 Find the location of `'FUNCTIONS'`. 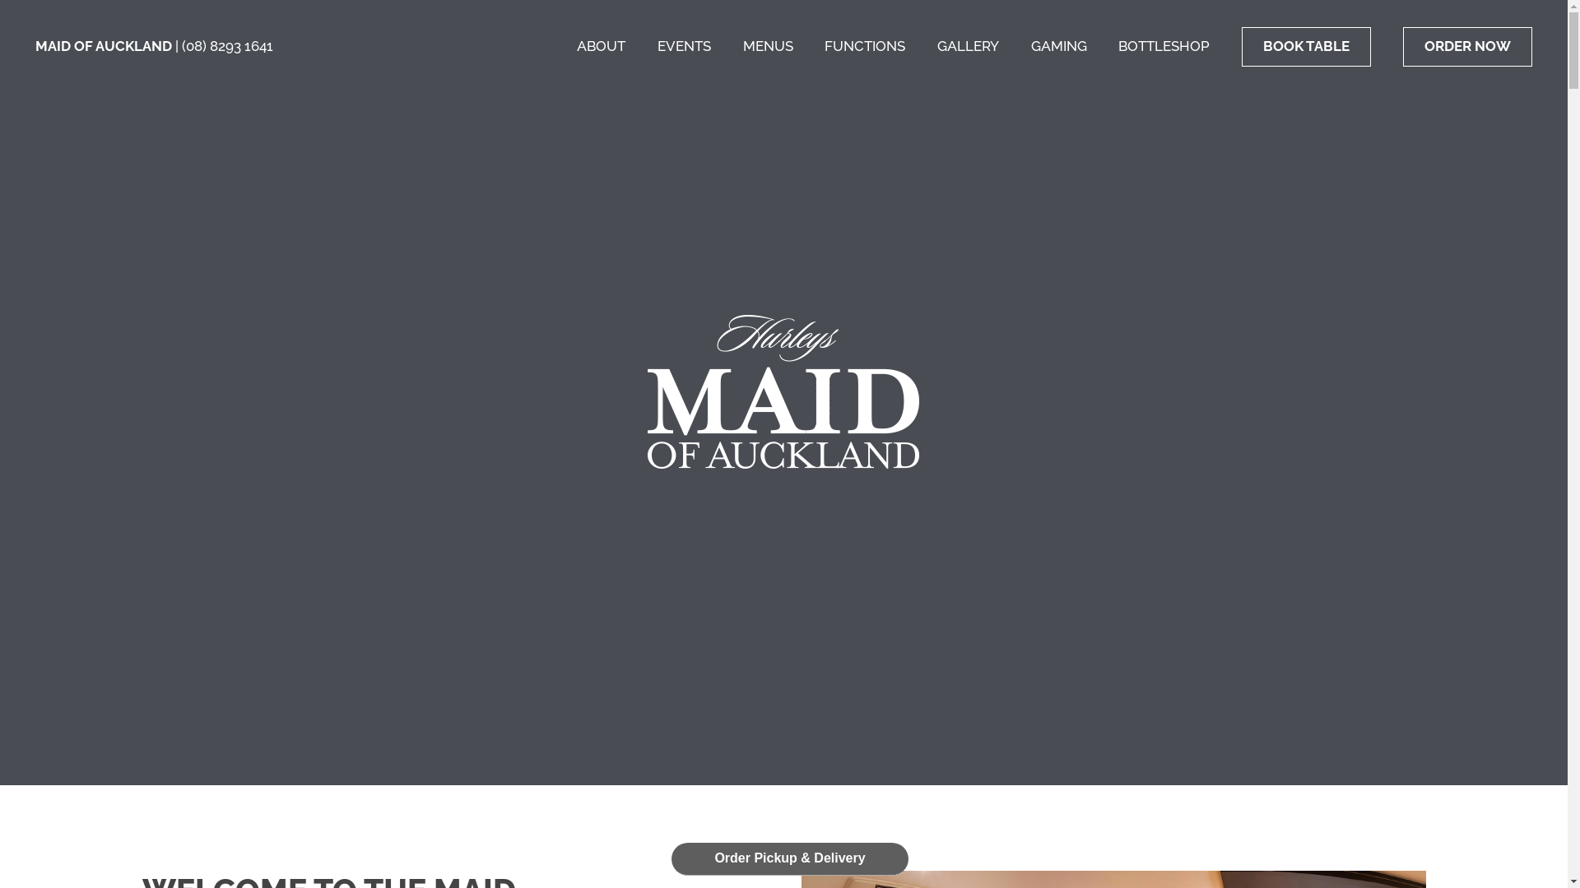

'FUNCTIONS' is located at coordinates (825, 45).